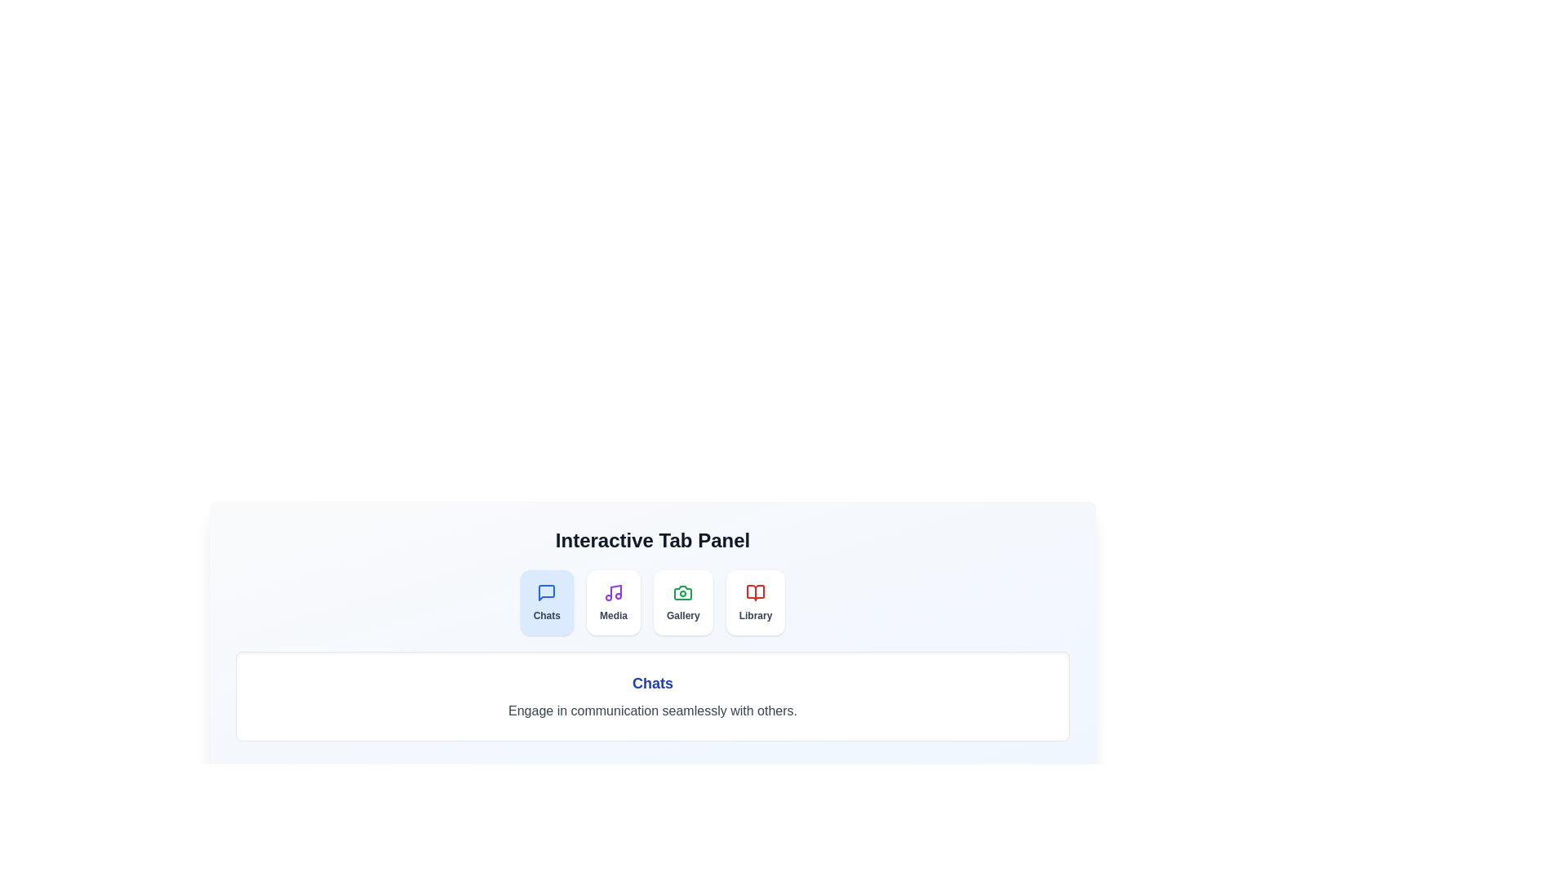 The height and width of the screenshot is (881, 1567). What do you see at coordinates (613, 603) in the screenshot?
I see `the Media tab` at bounding box center [613, 603].